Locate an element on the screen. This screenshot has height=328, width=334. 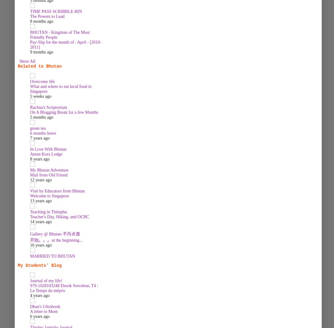
'On A Blogging Break for a few Months' is located at coordinates (64, 112).